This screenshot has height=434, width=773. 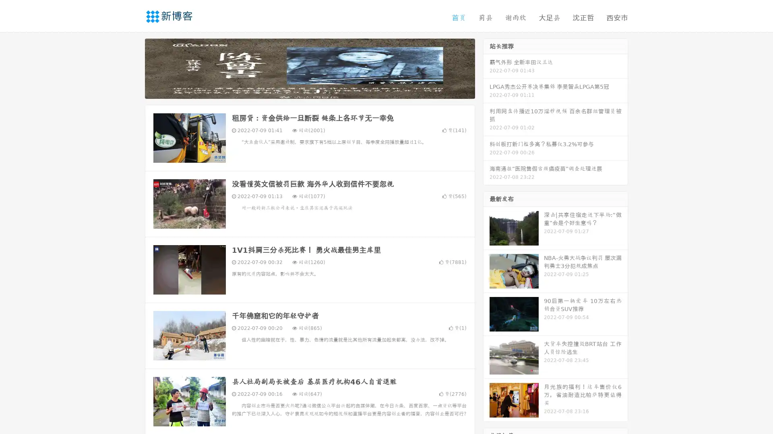 What do you see at coordinates (309, 90) in the screenshot?
I see `Go to slide 2` at bounding box center [309, 90].